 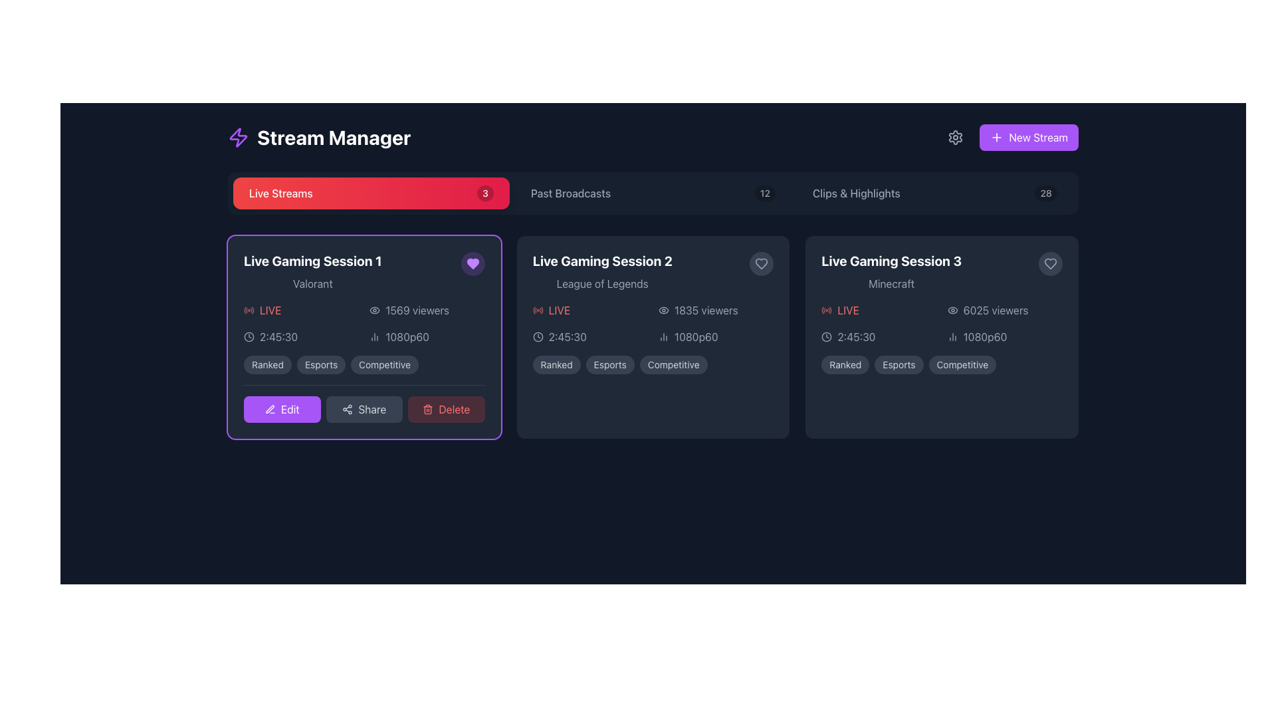 What do you see at coordinates (267, 364) in the screenshot?
I see `the first button-like label tag representing the categorization or status of 'Live Gaming Session 1'` at bounding box center [267, 364].